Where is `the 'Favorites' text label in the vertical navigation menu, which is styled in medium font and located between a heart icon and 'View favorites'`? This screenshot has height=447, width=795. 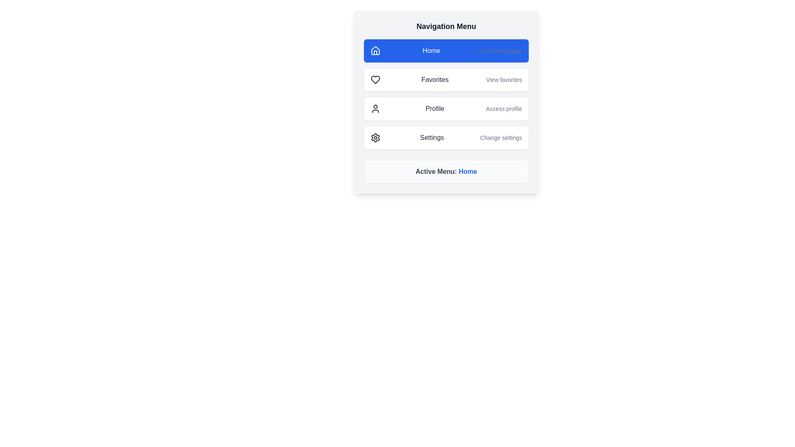 the 'Favorites' text label in the vertical navigation menu, which is styled in medium font and located between a heart icon and 'View favorites' is located at coordinates (434, 79).